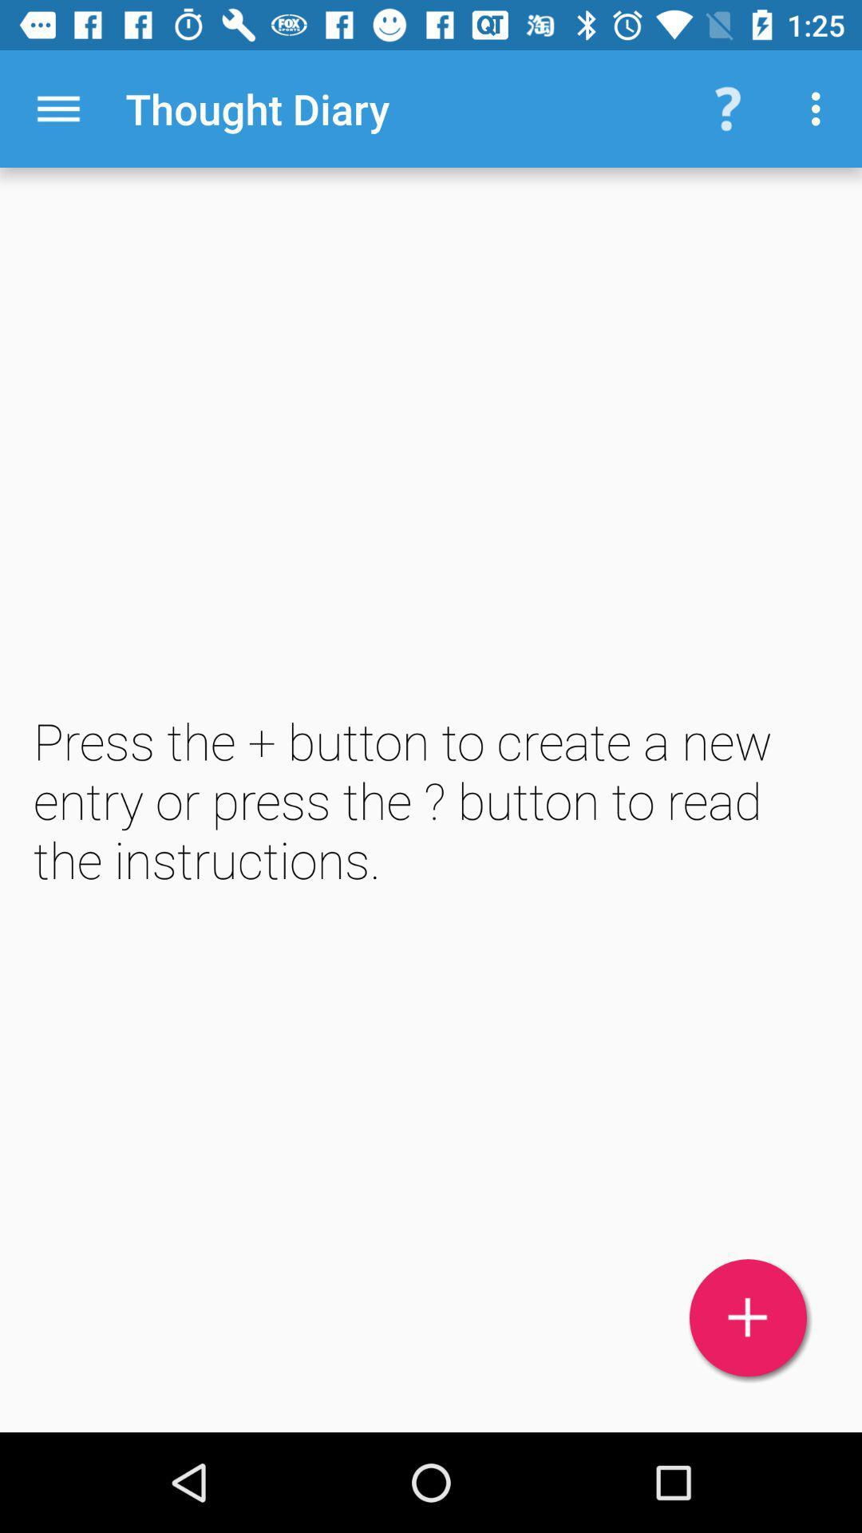 The width and height of the screenshot is (862, 1533). Describe the element at coordinates (57, 108) in the screenshot. I see `item to the left of thought diary item` at that location.